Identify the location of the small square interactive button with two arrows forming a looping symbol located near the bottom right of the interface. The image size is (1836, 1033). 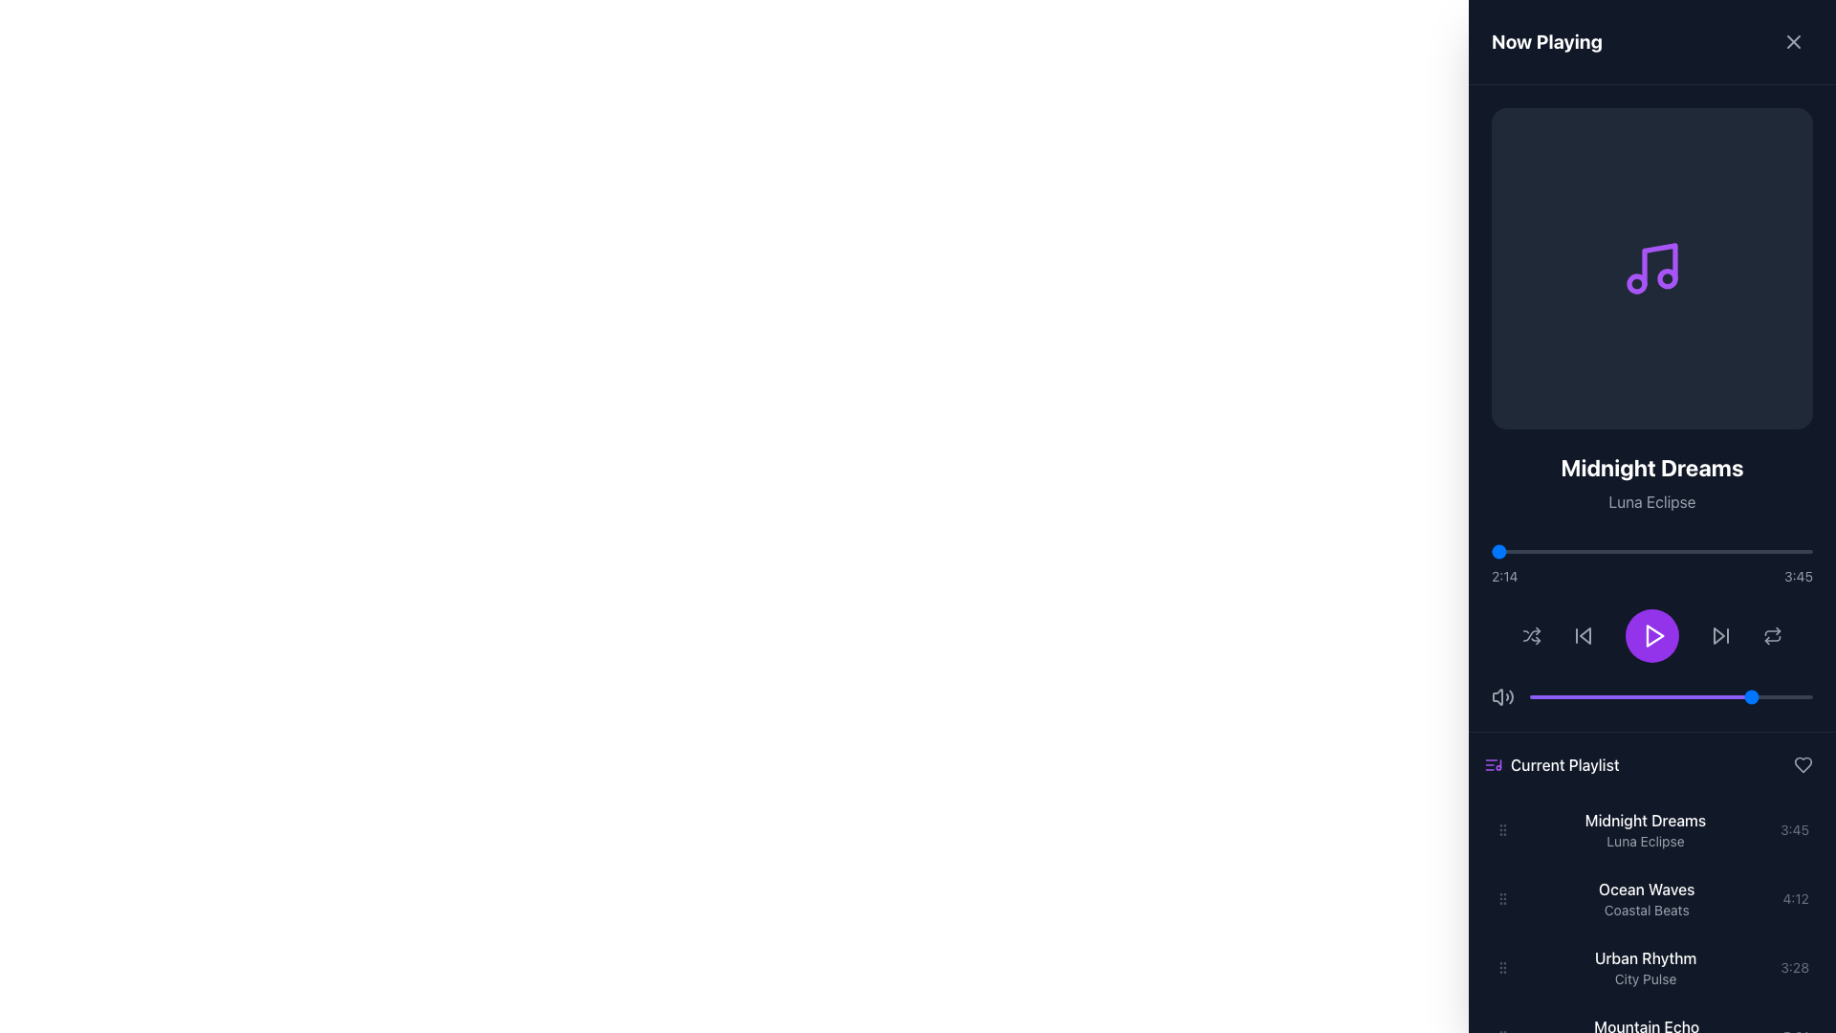
(1771, 635).